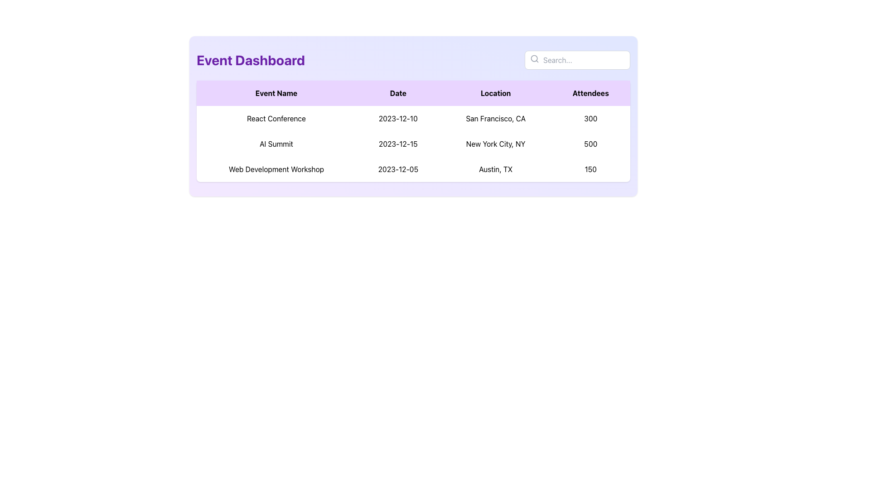  What do you see at coordinates (398, 143) in the screenshot?
I see `date displayed in the second item of the 'Date' column in the table associated with the 'AI Summit' event` at bounding box center [398, 143].